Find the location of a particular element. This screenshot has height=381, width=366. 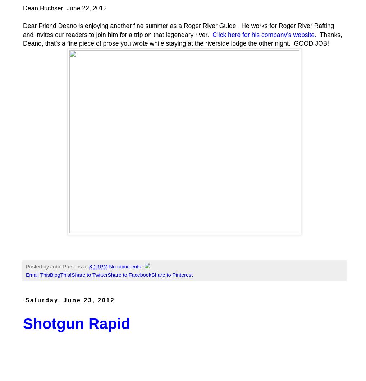

'Click here for his company's website.' is located at coordinates (264, 35).